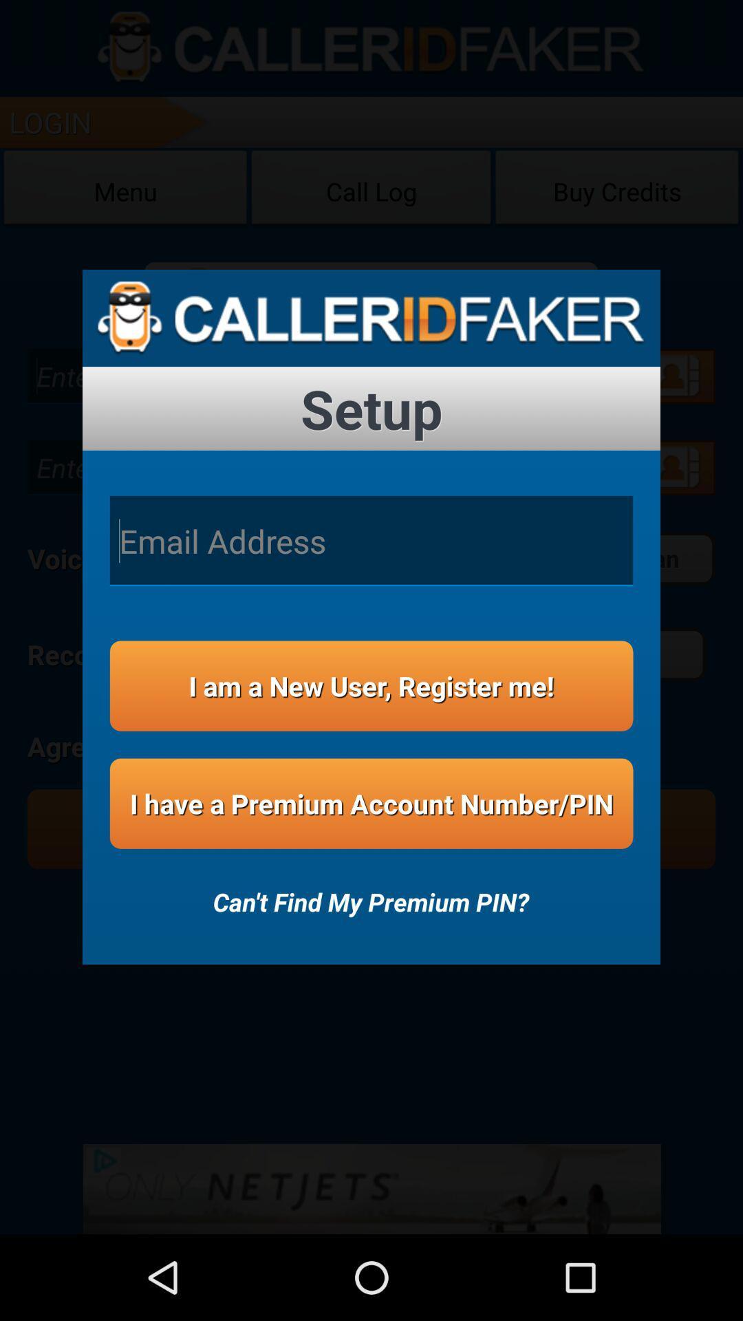 The image size is (743, 1321). Describe the element at coordinates (370, 892) in the screenshot. I see `the button below i have a icon` at that location.